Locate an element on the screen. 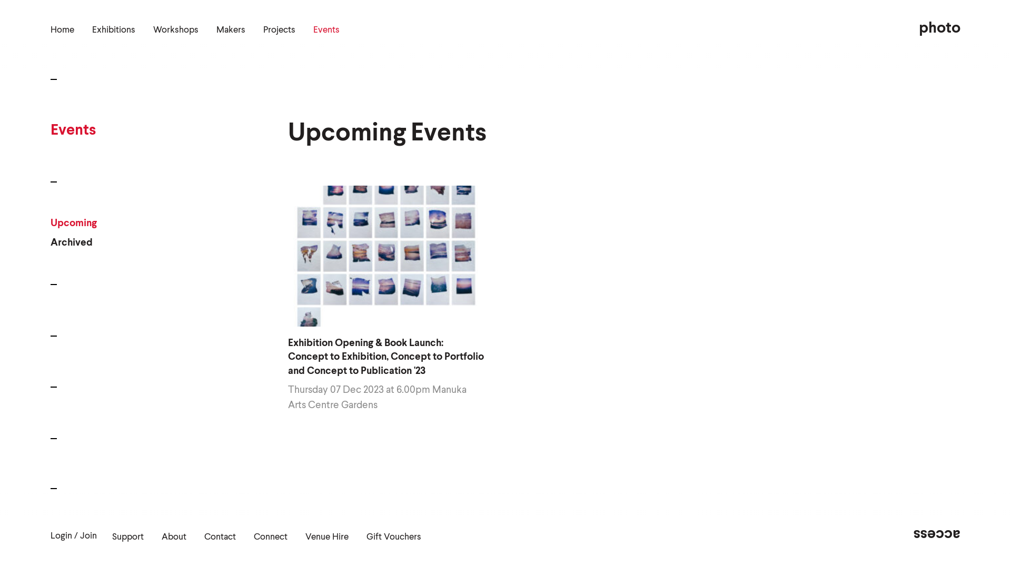 The height and width of the screenshot is (568, 1011). 'Exhibitions' is located at coordinates (114, 29).